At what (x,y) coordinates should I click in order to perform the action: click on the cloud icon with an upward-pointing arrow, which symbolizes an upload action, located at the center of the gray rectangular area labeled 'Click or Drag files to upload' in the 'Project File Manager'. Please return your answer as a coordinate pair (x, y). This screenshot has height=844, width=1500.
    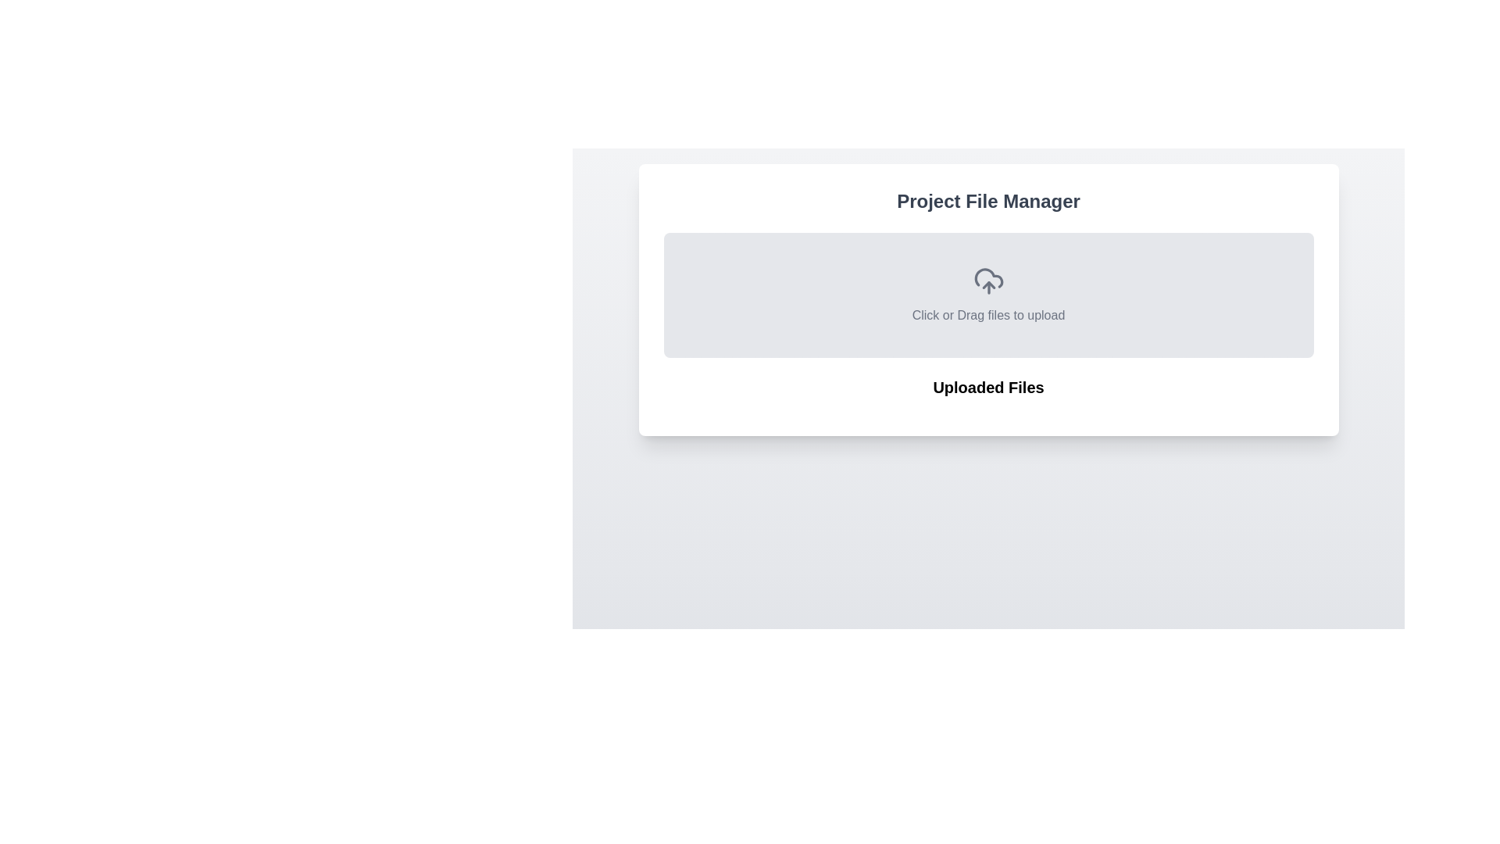
    Looking at the image, I should click on (987, 280).